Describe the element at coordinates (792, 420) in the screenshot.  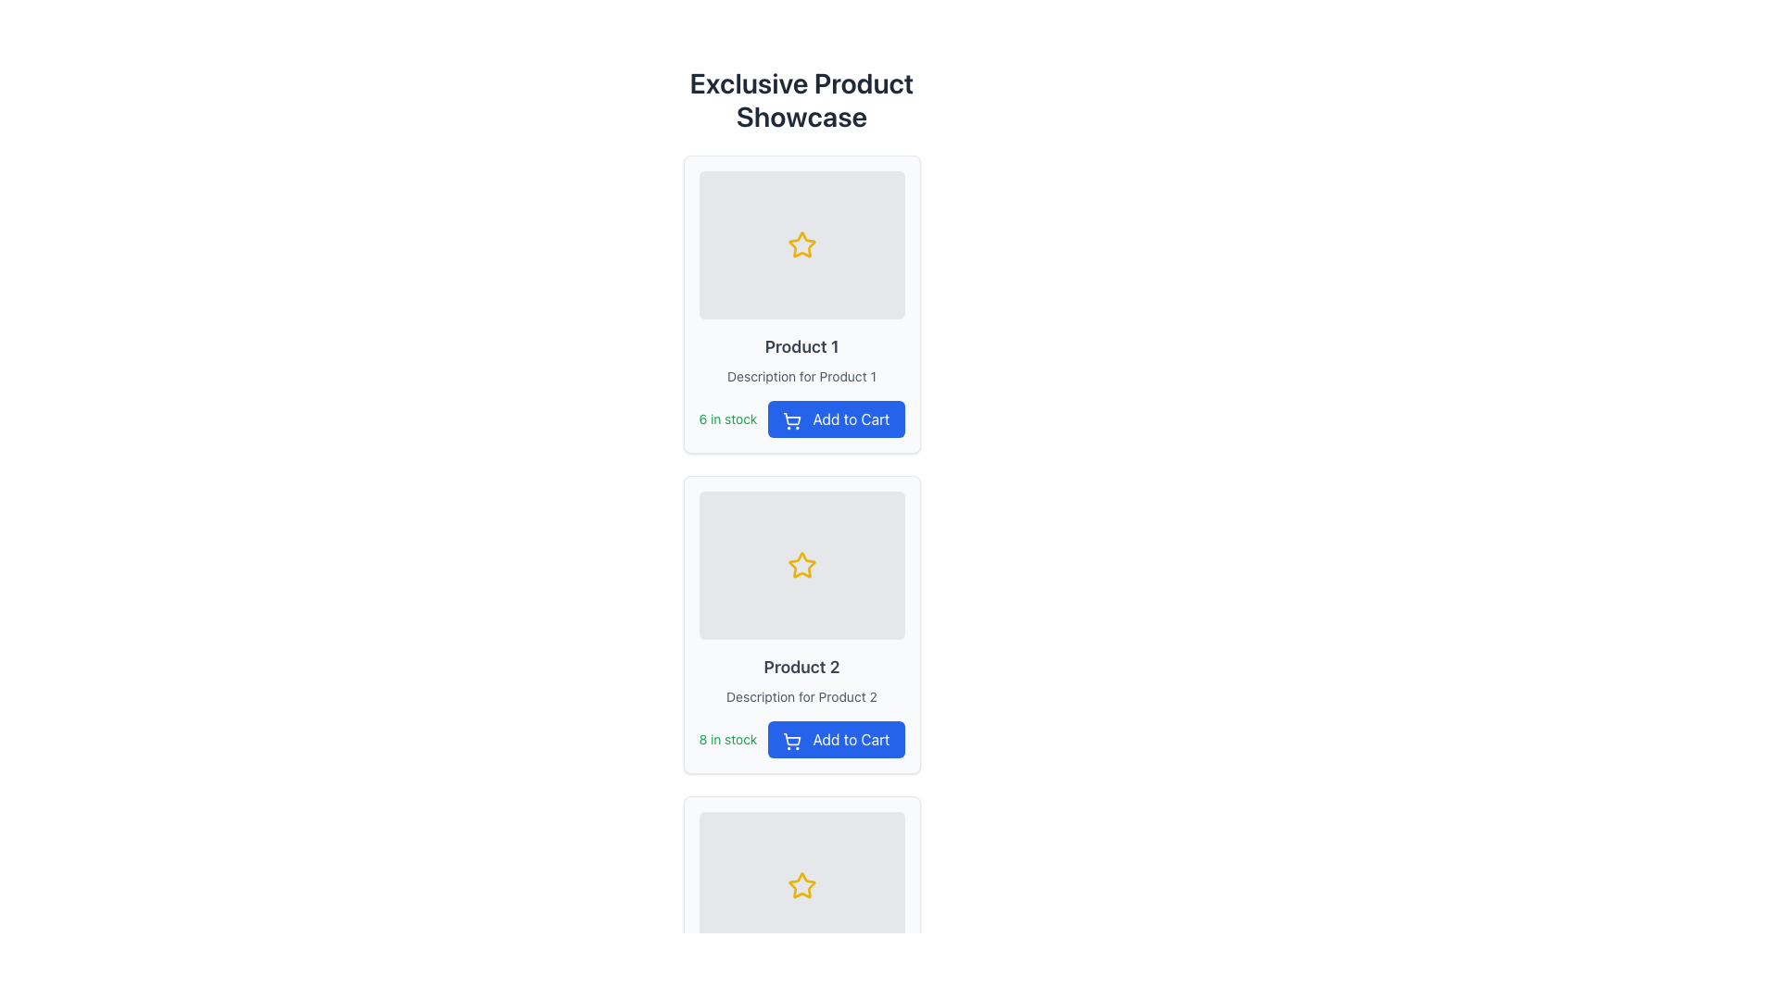
I see `the shopping cart icon located inside the blue button of the first product card in the vertical list of products` at that location.